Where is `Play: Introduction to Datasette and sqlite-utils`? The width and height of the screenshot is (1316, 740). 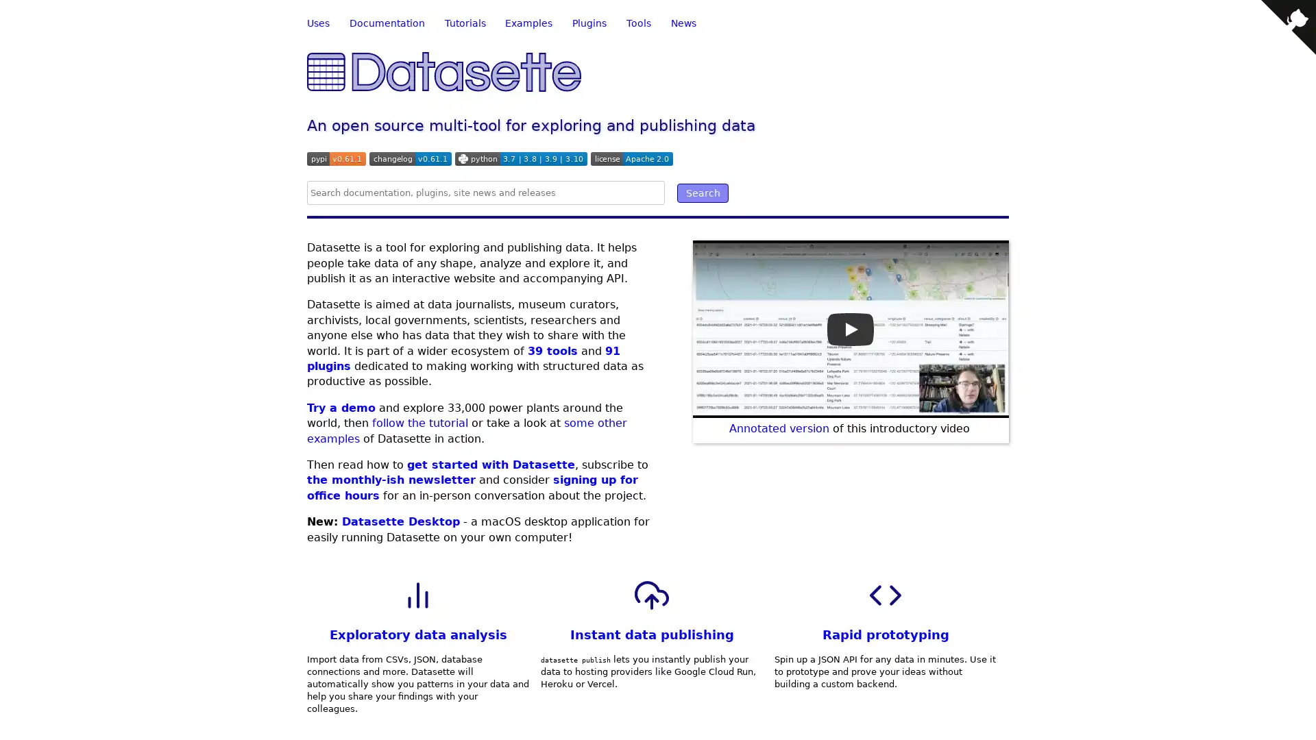
Play: Introduction to Datasette and sqlite-utils is located at coordinates (850, 328).